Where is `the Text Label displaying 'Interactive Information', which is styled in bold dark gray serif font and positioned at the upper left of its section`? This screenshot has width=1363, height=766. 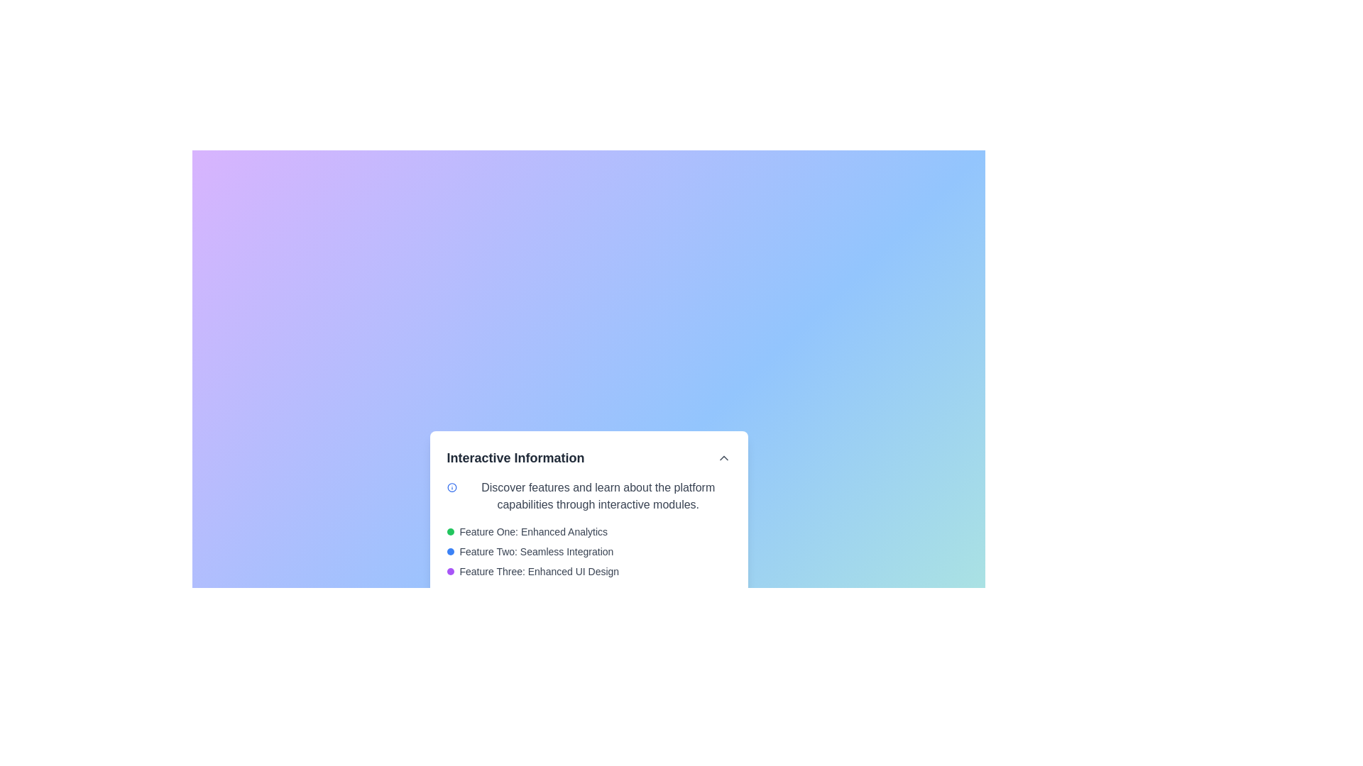 the Text Label displaying 'Interactive Information', which is styled in bold dark gray serif font and positioned at the upper left of its section is located at coordinates (515, 457).